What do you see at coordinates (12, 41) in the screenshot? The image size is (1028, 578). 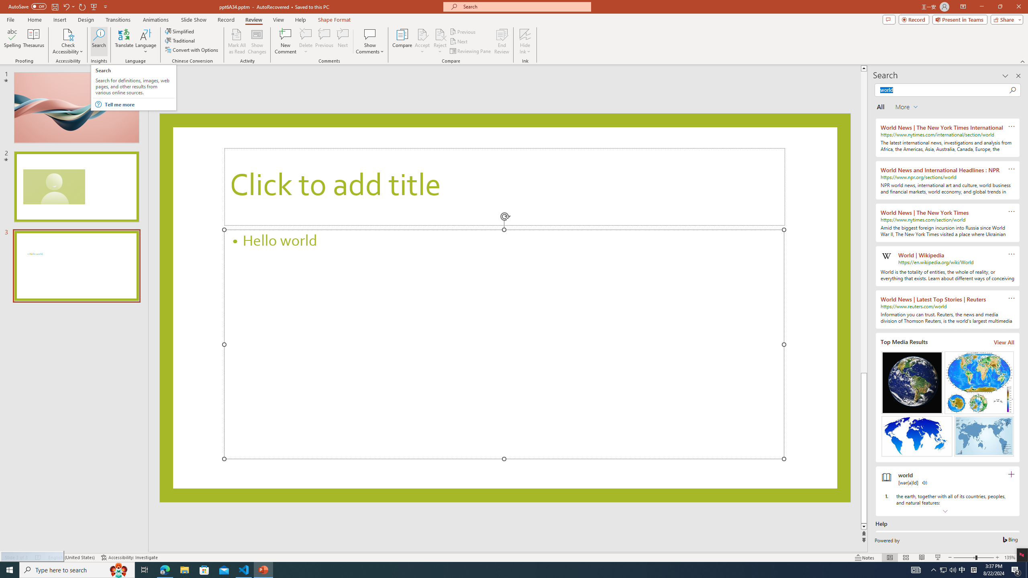 I see `'Spelling...'` at bounding box center [12, 41].